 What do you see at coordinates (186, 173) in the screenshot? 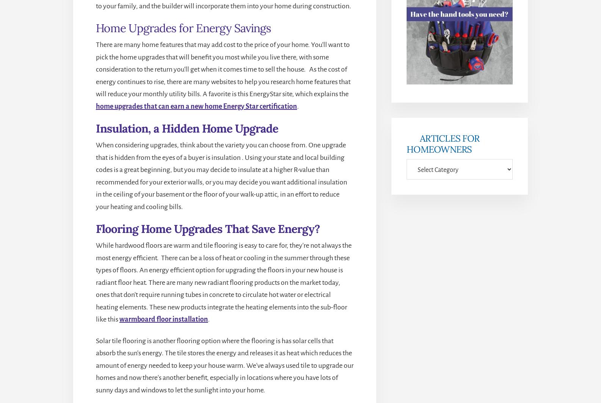
I see `'The name tells our story! We provide women homeowners with “how to” resources to manage their homes with confidence. We strive for homes that support how you want to live, while building equity for your future too.'` at bounding box center [186, 173].